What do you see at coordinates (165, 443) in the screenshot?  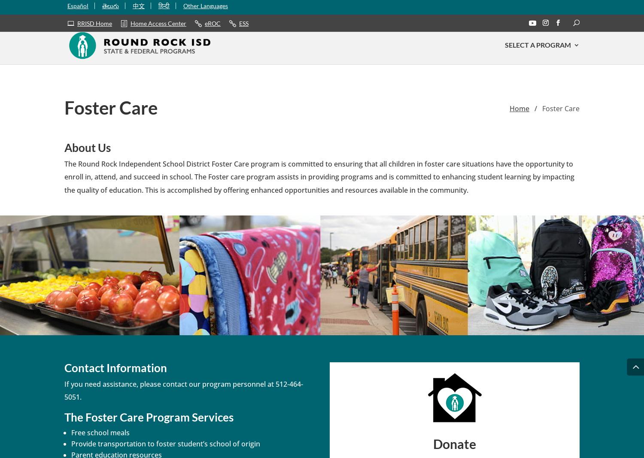 I see `'Provide transportation to foster student’s school of origin'` at bounding box center [165, 443].